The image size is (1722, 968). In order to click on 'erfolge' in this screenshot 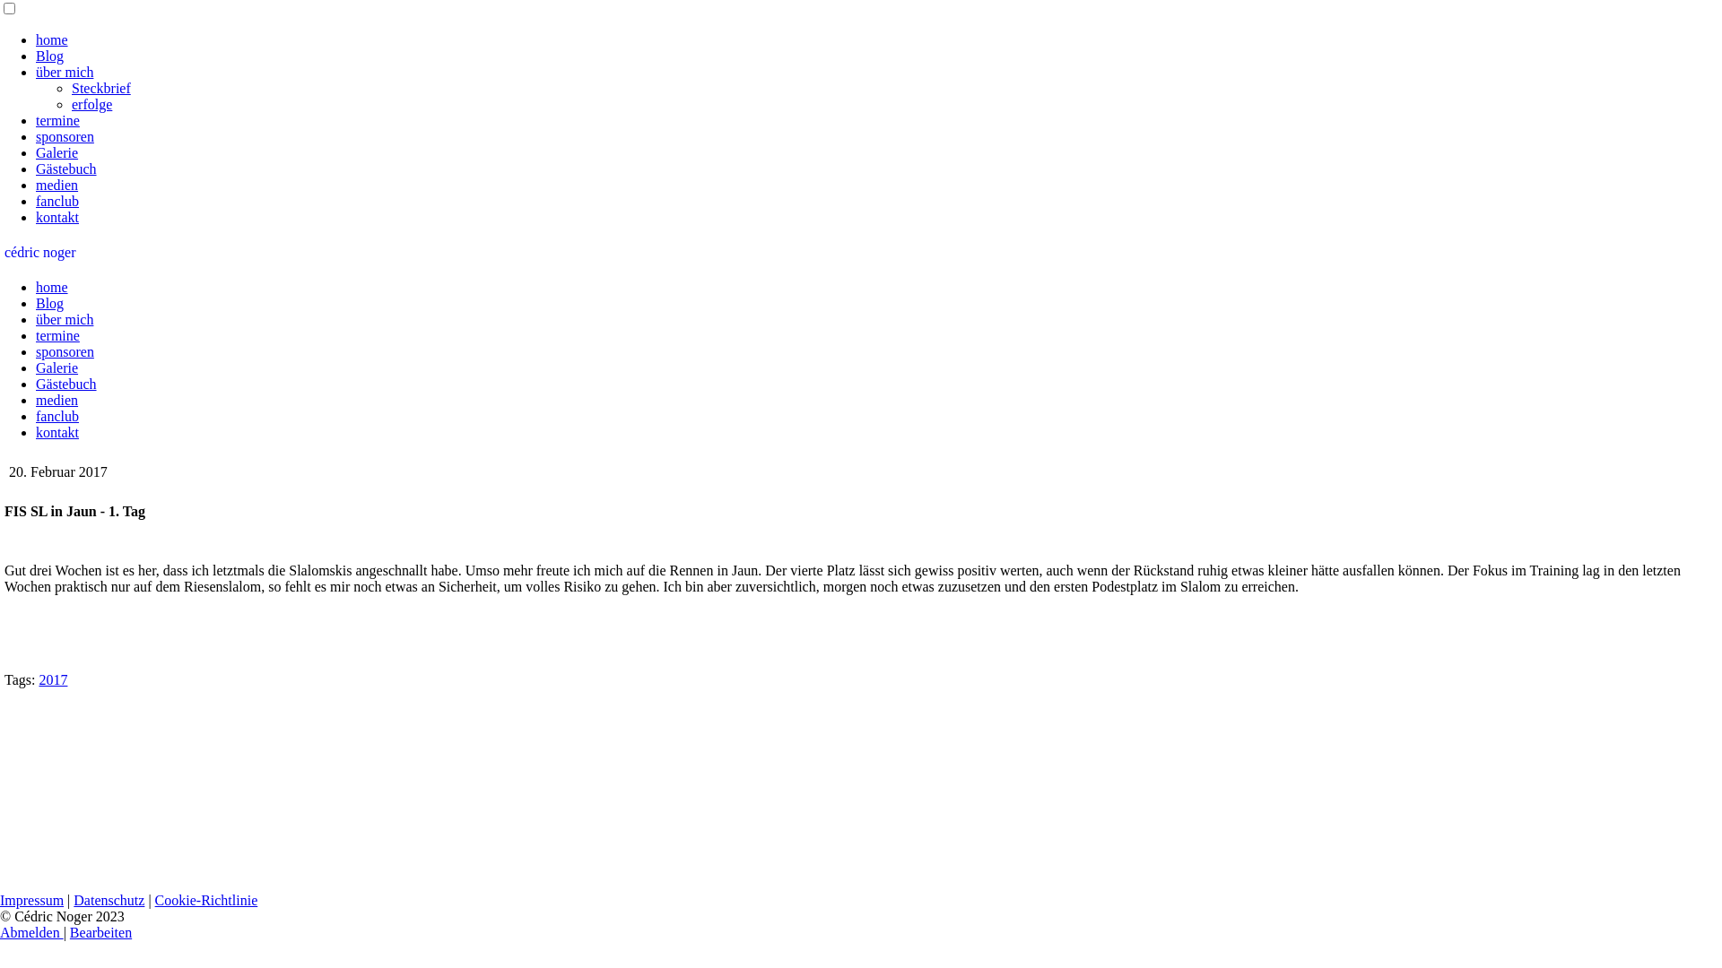, I will do `click(91, 104)`.